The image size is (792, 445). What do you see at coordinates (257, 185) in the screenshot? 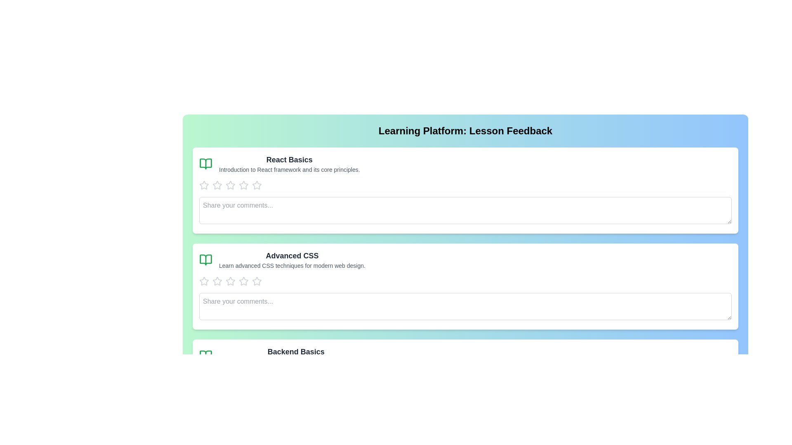
I see `the third star icon in the row of five stars for rating below the title 'React Basics'` at bounding box center [257, 185].